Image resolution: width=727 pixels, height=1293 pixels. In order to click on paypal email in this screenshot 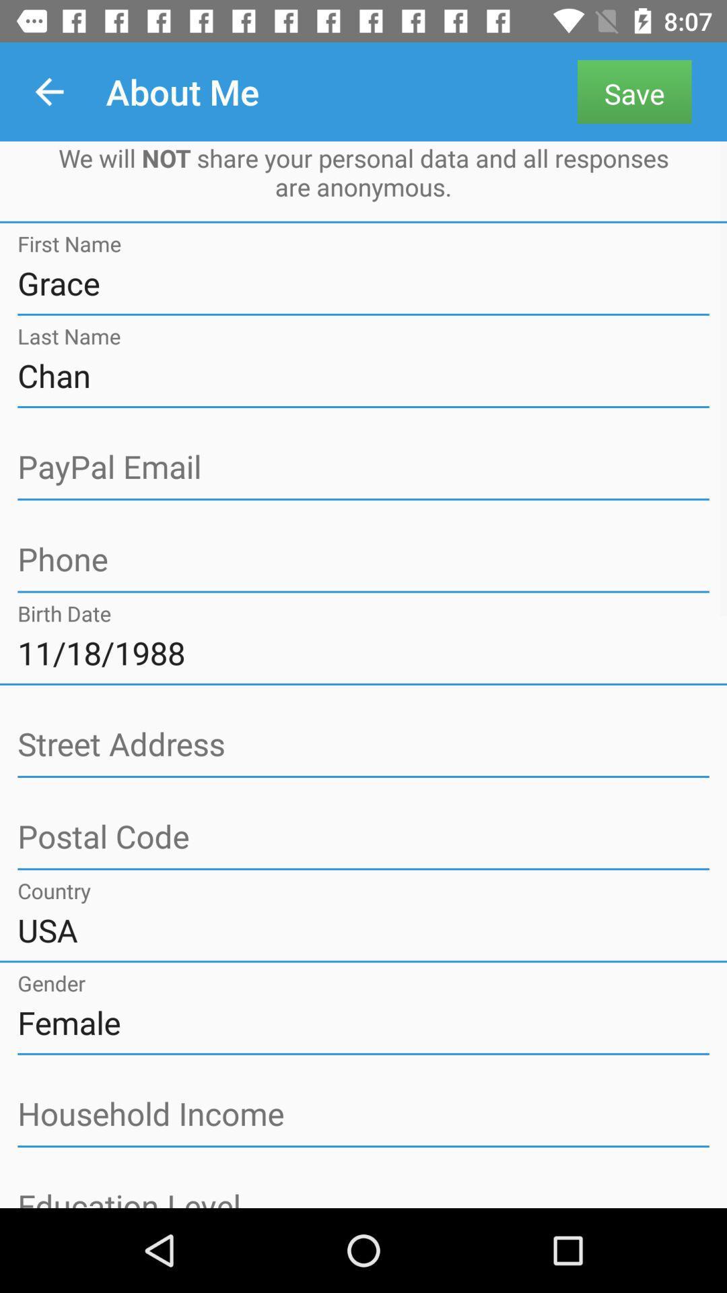, I will do `click(363, 467)`.